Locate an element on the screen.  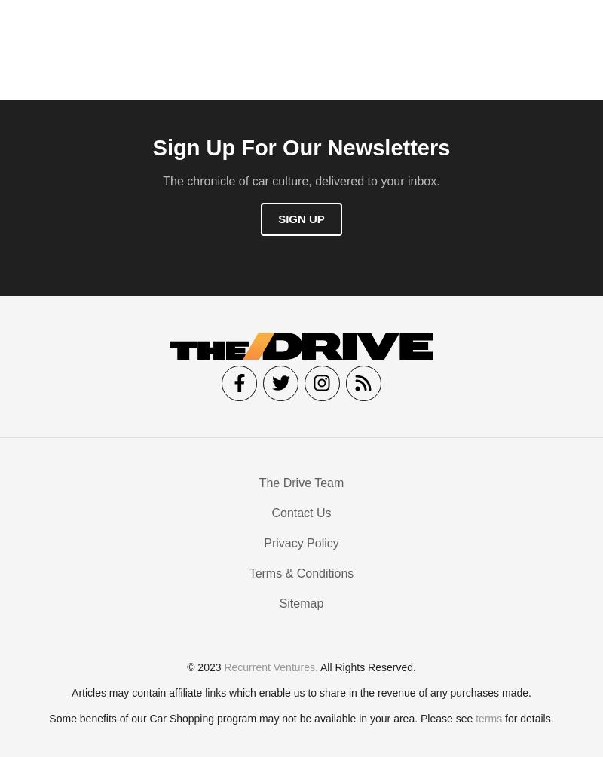
'Terms & Conditions' is located at coordinates (300, 577).